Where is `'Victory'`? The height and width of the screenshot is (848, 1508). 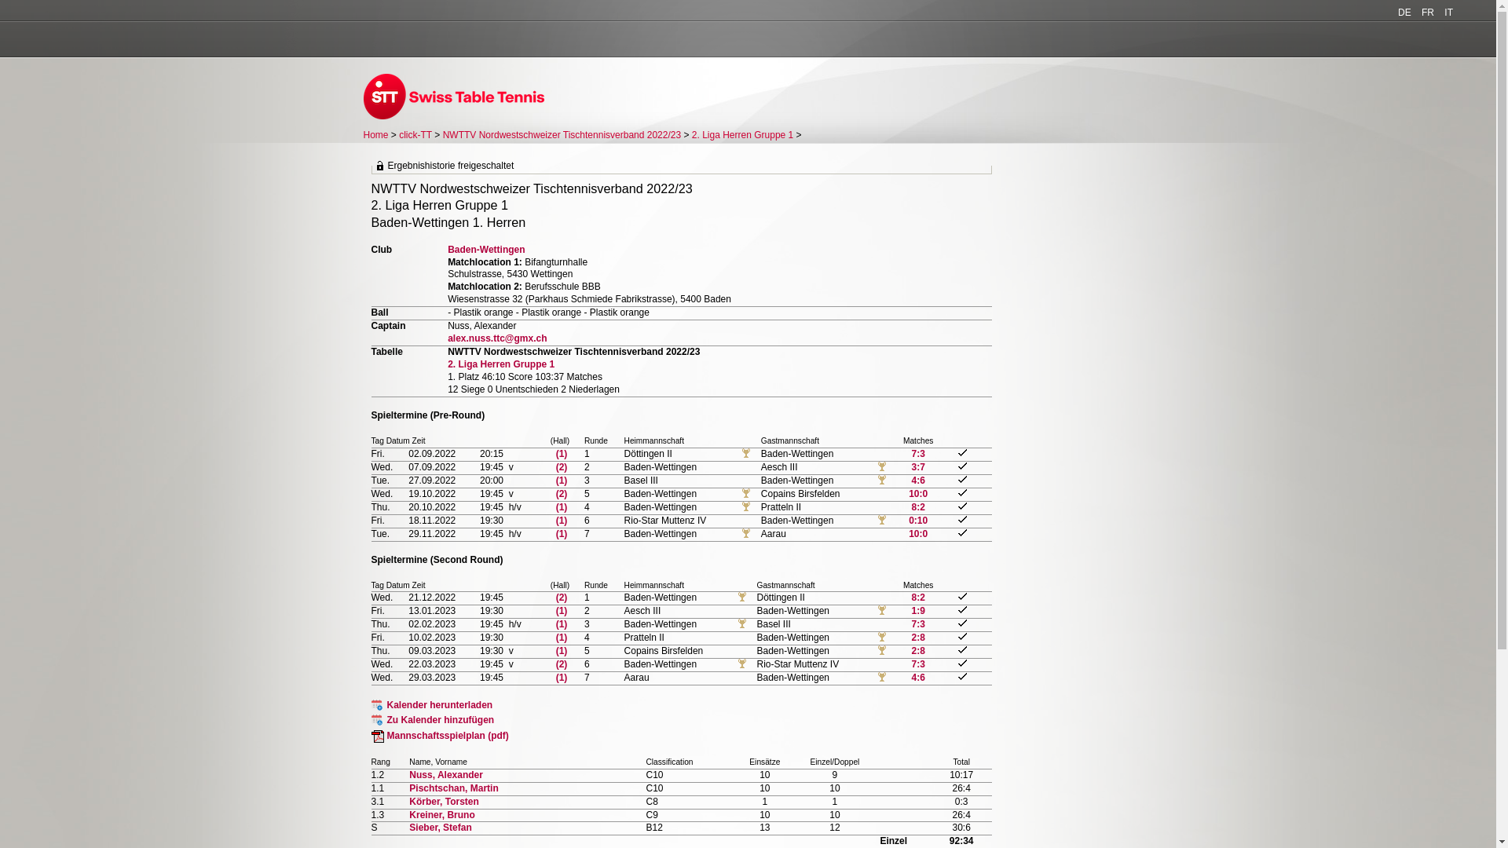 'Victory' is located at coordinates (882, 480).